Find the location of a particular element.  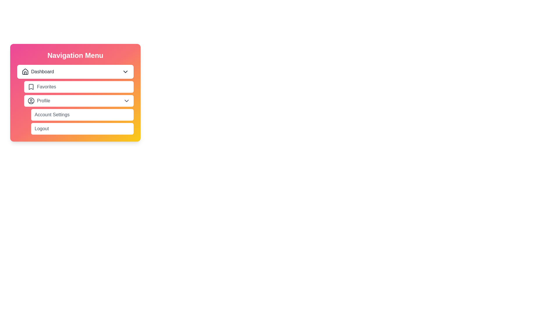

the 'Profile' button in the navigation menu is located at coordinates (75, 99).